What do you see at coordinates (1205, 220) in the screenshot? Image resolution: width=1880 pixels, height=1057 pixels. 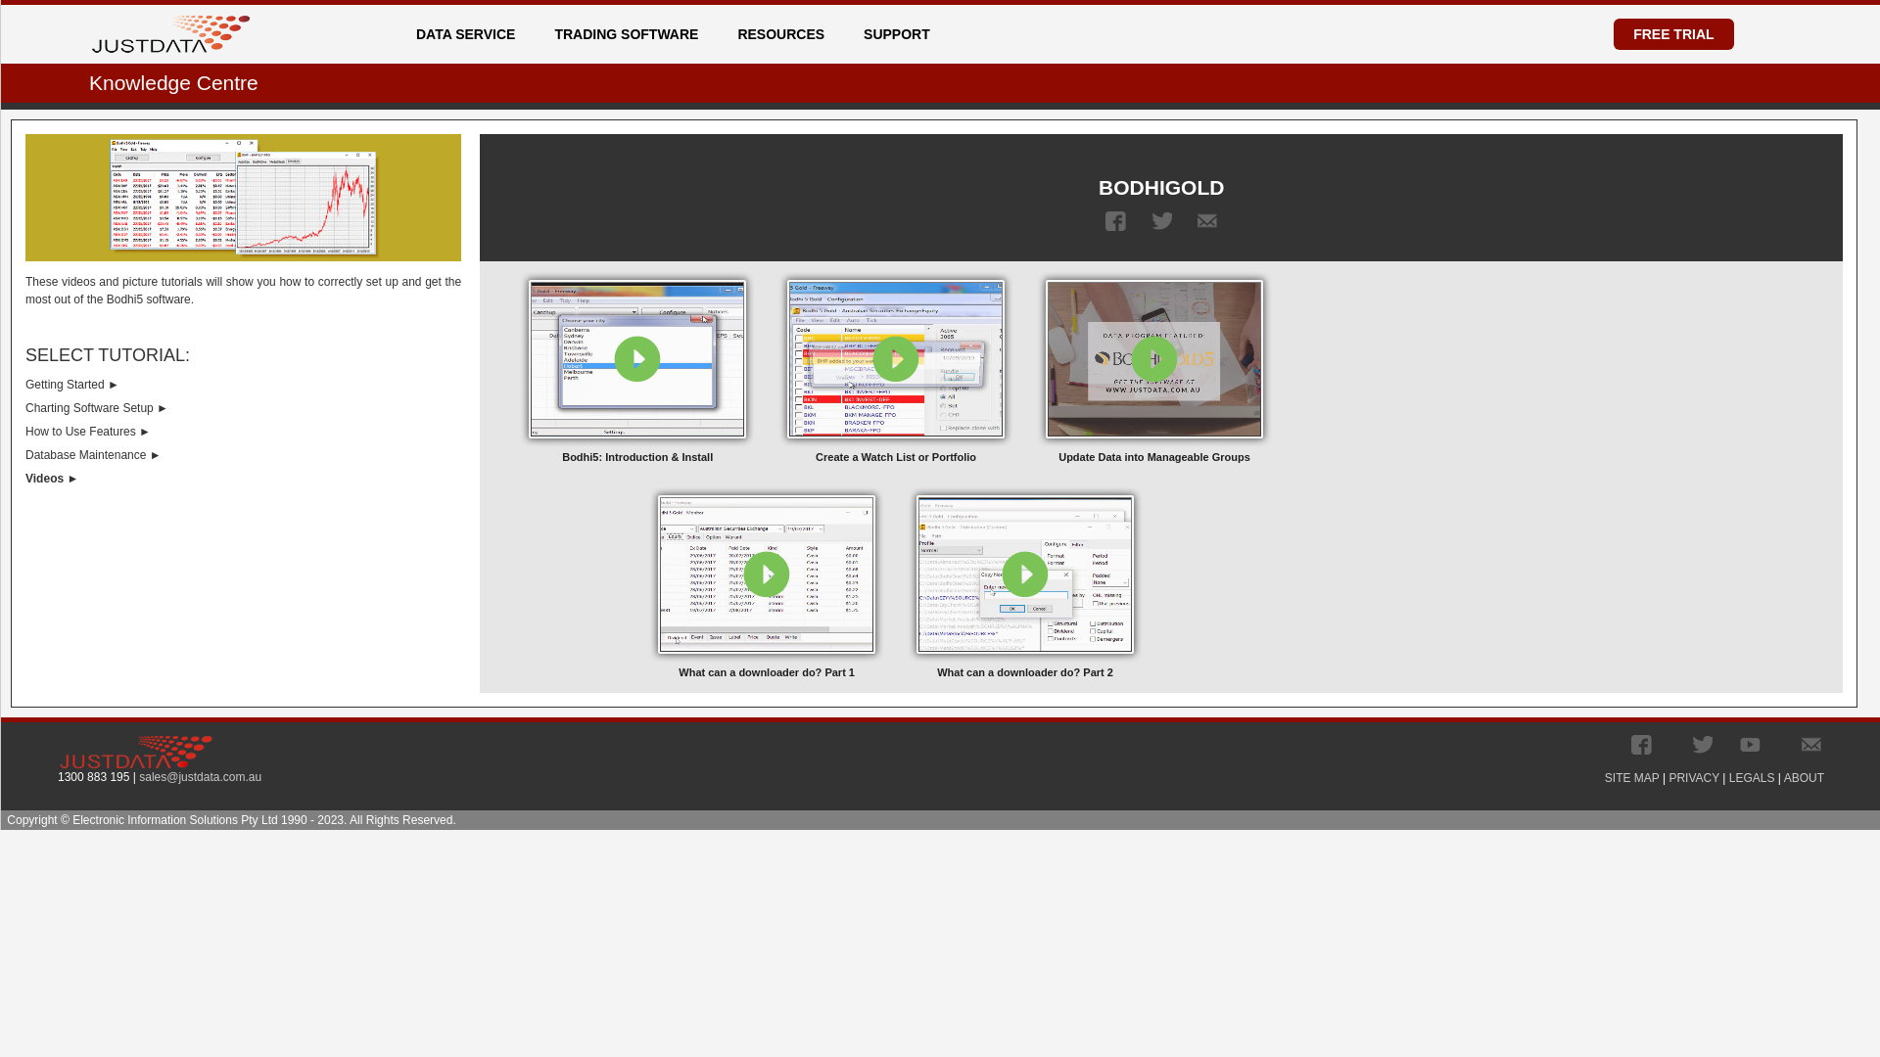 I see `' '` at bounding box center [1205, 220].